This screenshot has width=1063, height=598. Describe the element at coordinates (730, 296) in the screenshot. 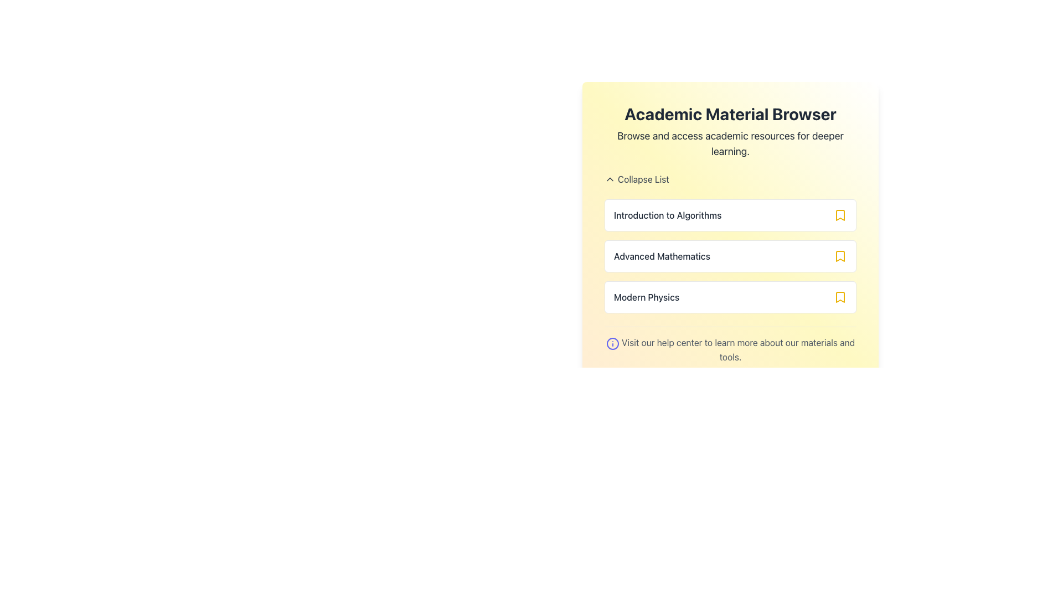

I see `the list item displaying 'Modern Physics'` at that location.